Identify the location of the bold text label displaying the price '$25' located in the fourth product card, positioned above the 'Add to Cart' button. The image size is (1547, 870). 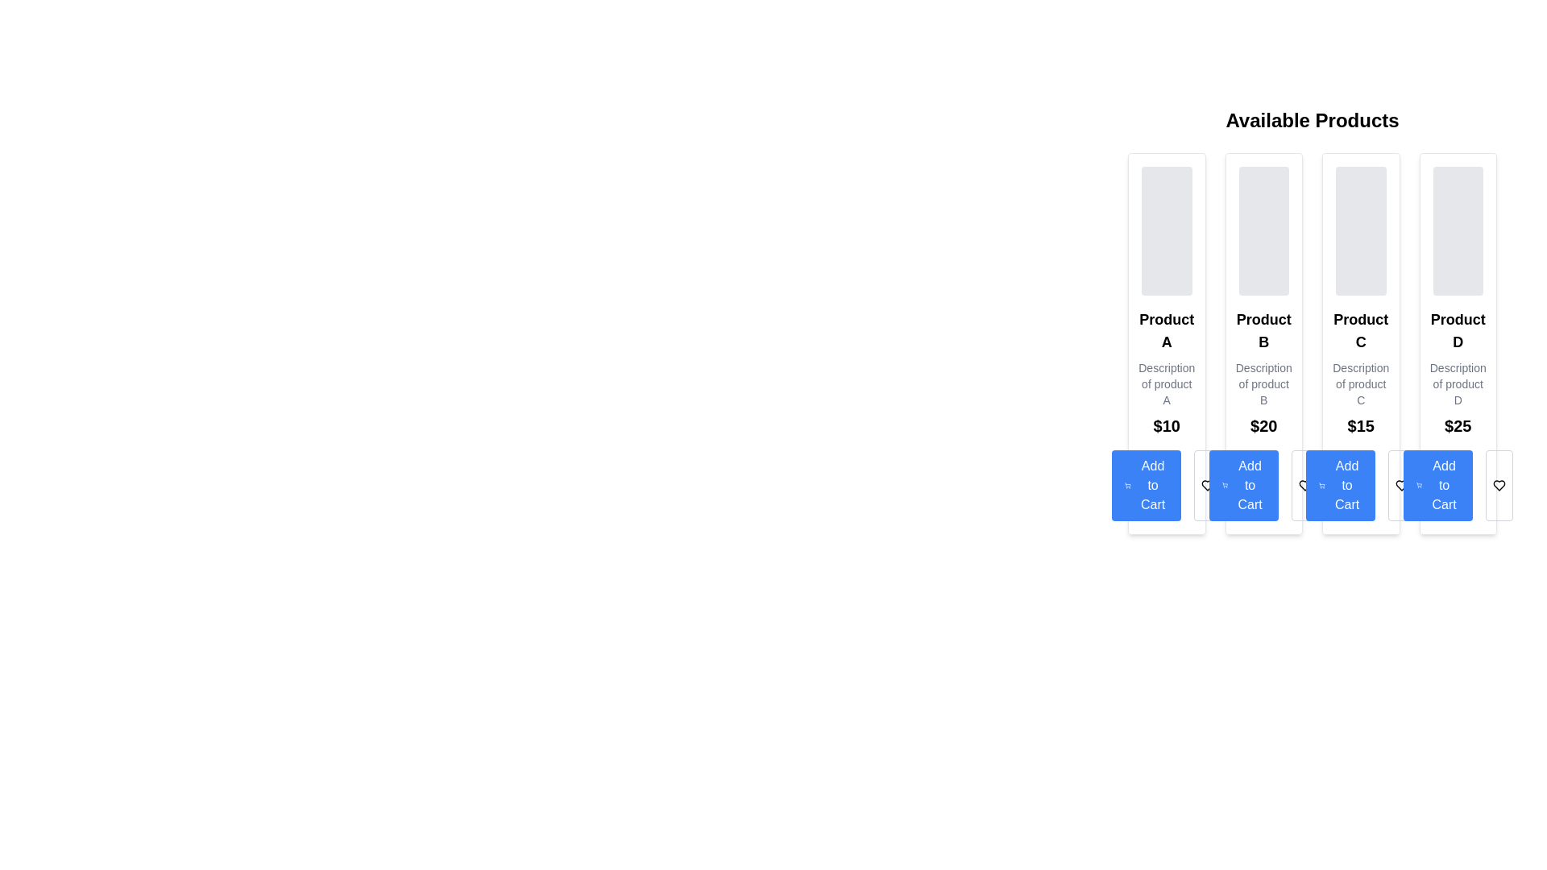
(1458, 425).